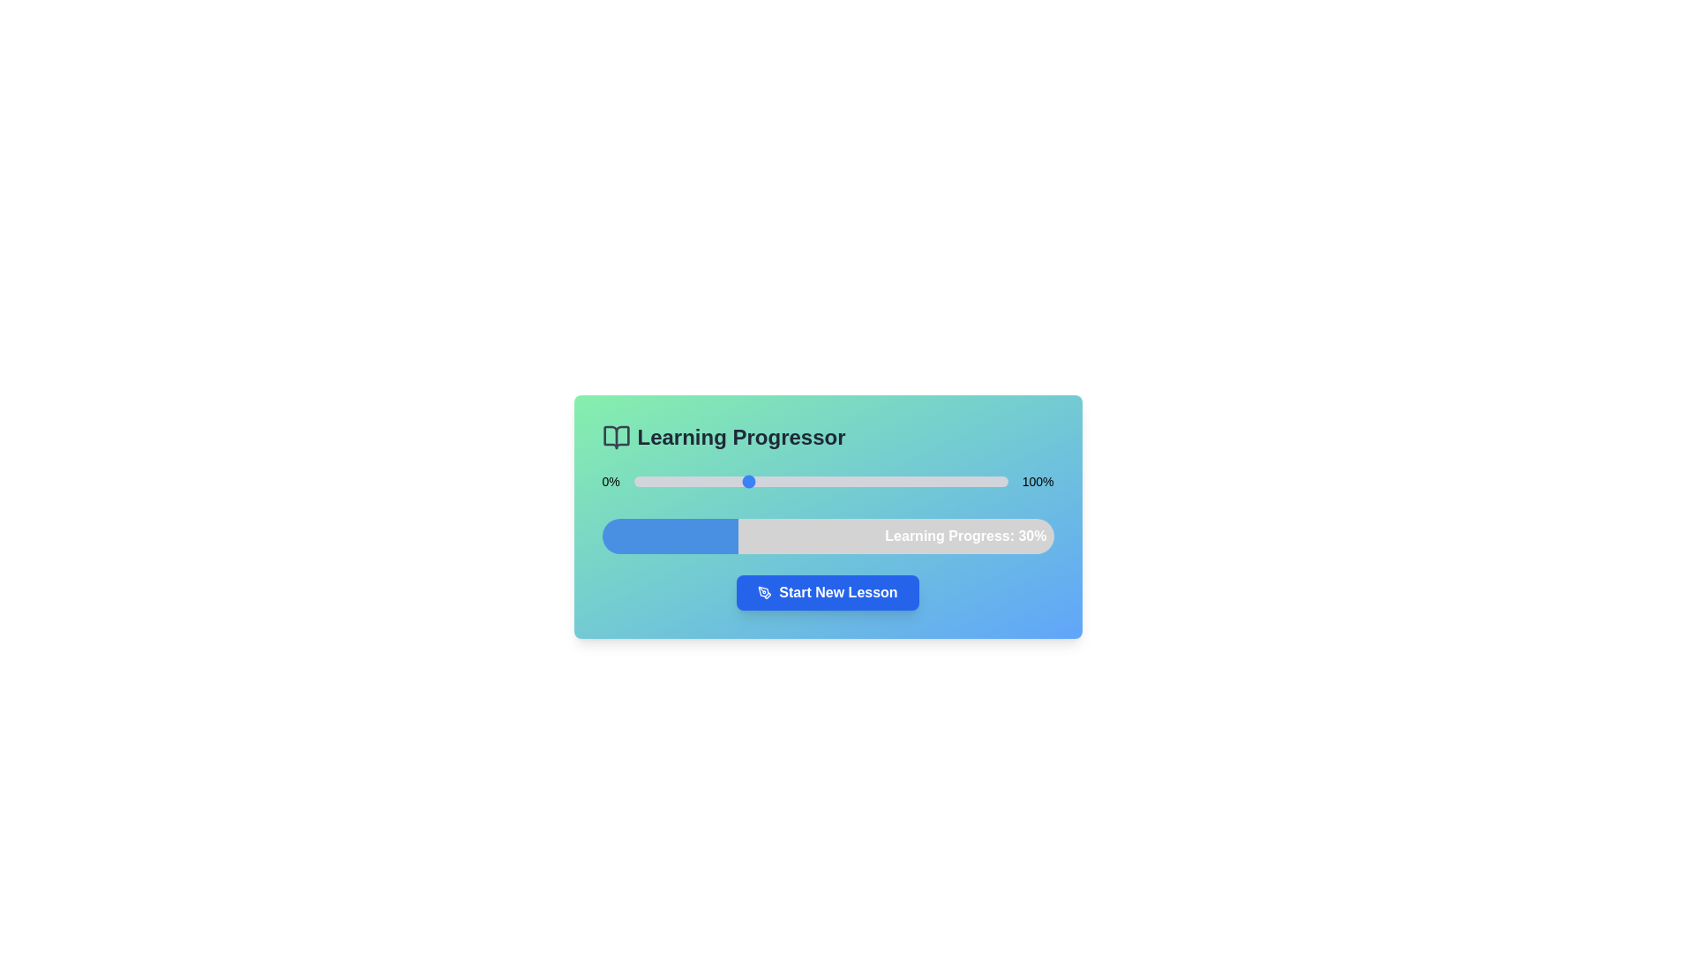 The height and width of the screenshot is (953, 1694). I want to click on the slider to set the learning progress to 36%, so click(768, 482).